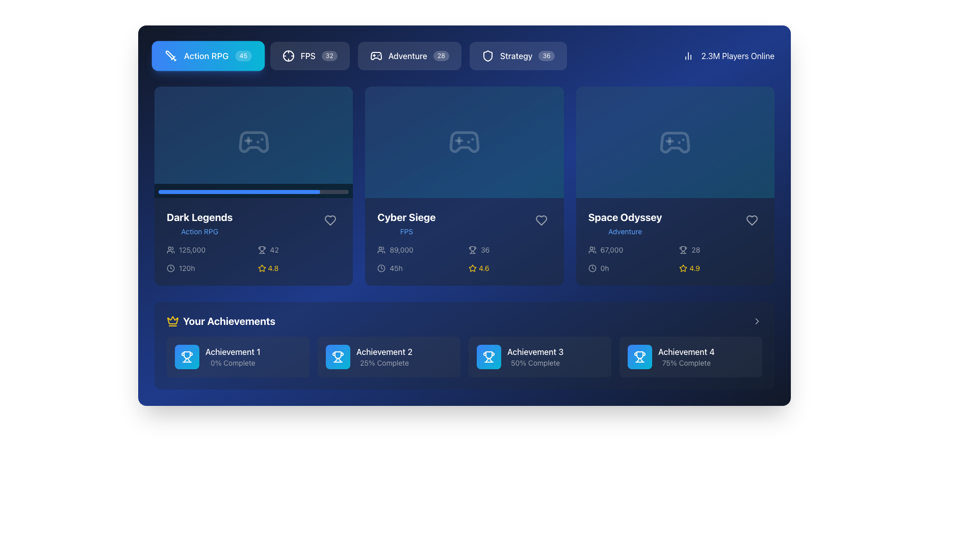 This screenshot has width=979, height=550. What do you see at coordinates (690, 356) in the screenshot?
I see `the Informational display element that shows '75% Complete' for 'Achievement 4', located in the 'Your Achievements' section as the fourth item in a horizontal series` at bounding box center [690, 356].